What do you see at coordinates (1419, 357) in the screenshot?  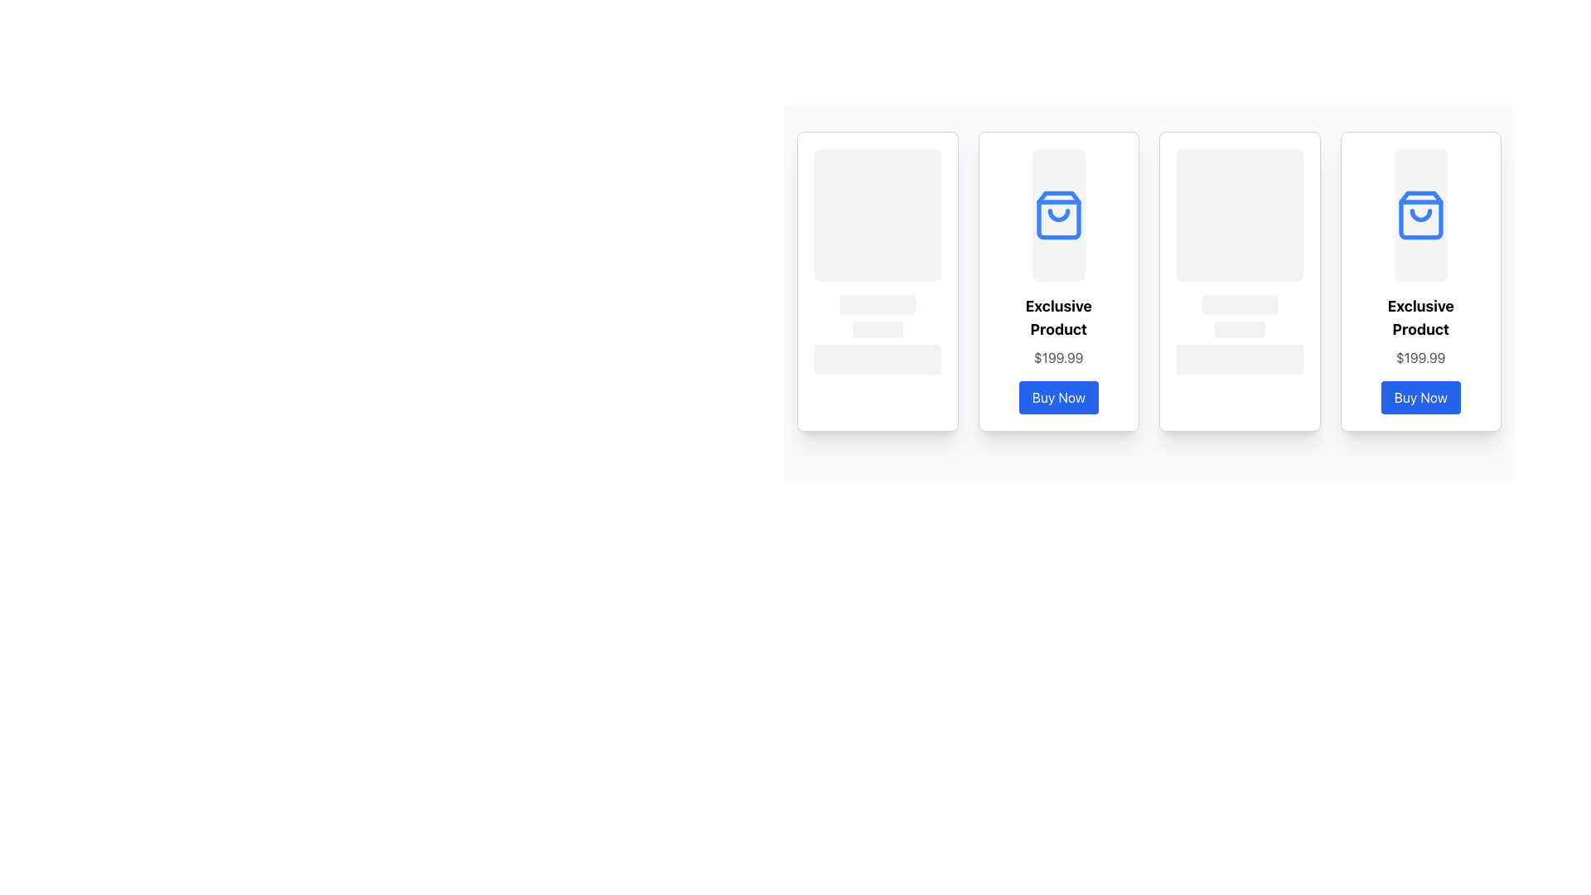 I see `the price text displaying '$199.99' in gray font, located below the 'Exclusive Product' title and above the 'Buy Now' button within the product card` at bounding box center [1419, 357].